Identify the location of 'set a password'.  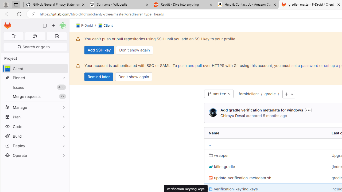
(305, 65).